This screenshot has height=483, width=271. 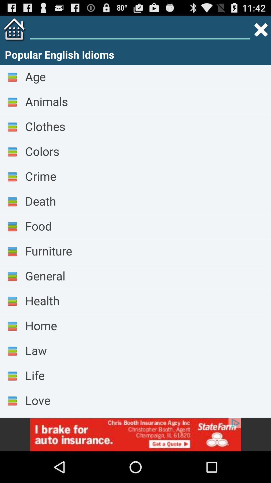 What do you see at coordinates (13, 31) in the screenshot?
I see `the home icon` at bounding box center [13, 31].